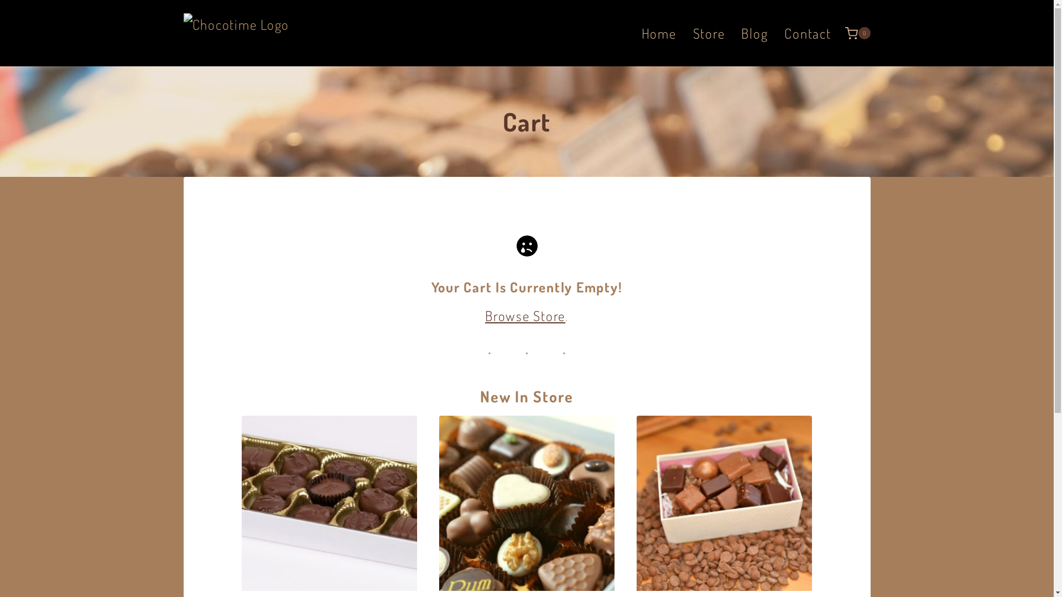 The width and height of the screenshot is (1062, 597). What do you see at coordinates (709, 32) in the screenshot?
I see `'Store'` at bounding box center [709, 32].